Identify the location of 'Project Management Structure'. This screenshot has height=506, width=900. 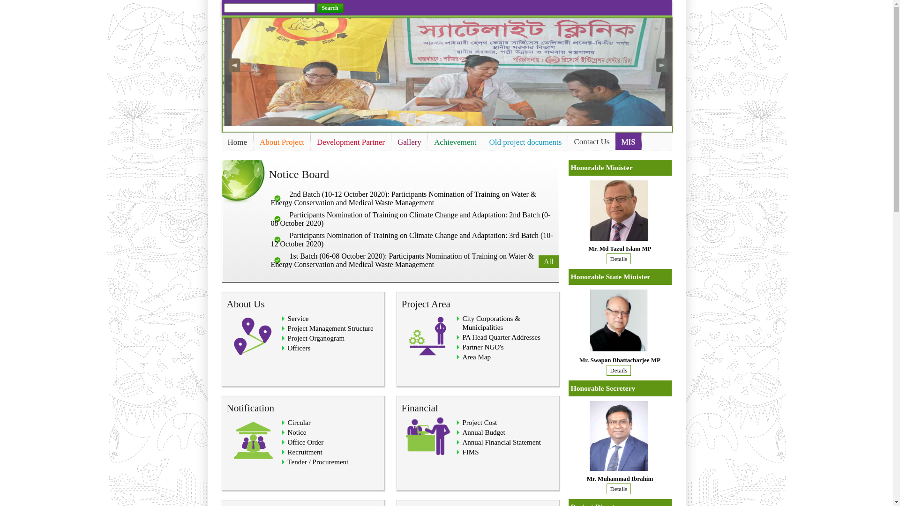
(287, 328).